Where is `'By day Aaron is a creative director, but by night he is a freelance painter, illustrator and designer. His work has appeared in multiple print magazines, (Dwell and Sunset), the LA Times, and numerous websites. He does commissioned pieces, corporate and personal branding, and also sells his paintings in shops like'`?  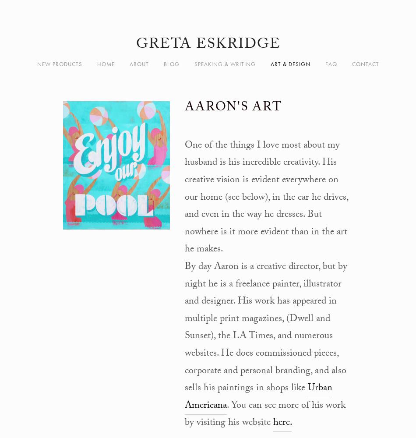 'By day Aaron is a creative director, but by night he is a freelance painter, illustrator and designer. His work has appeared in multiple print magazines, (Dwell and Sunset), the LA Times, and numerous websites. He does commissioned pieces, corporate and personal branding, and also sells his paintings in shops like' is located at coordinates (266, 327).